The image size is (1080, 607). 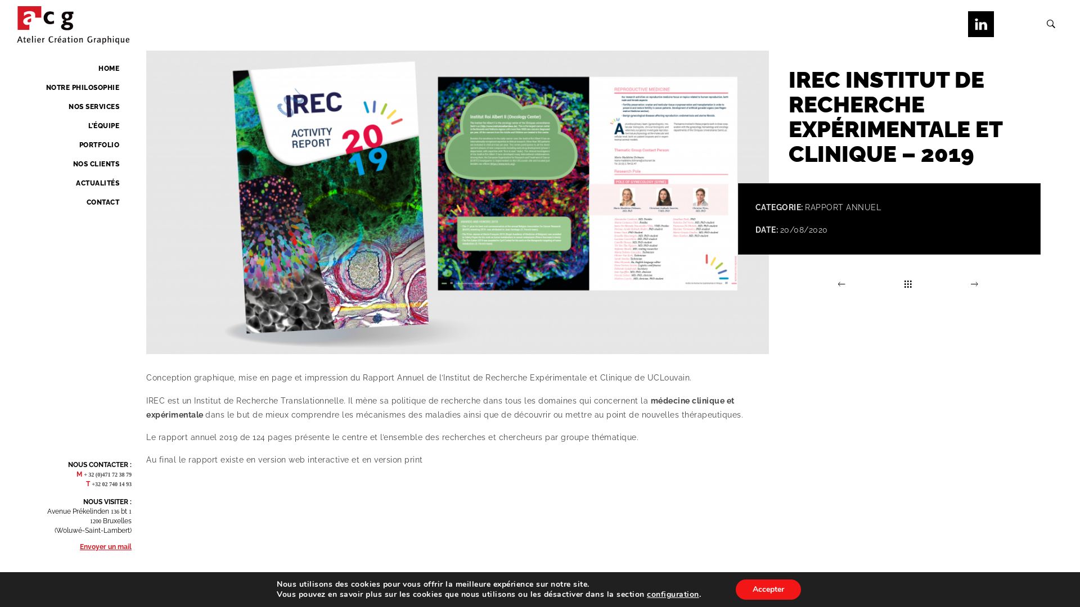 What do you see at coordinates (111, 483) in the screenshot?
I see `'+32 02 740 14 93'` at bounding box center [111, 483].